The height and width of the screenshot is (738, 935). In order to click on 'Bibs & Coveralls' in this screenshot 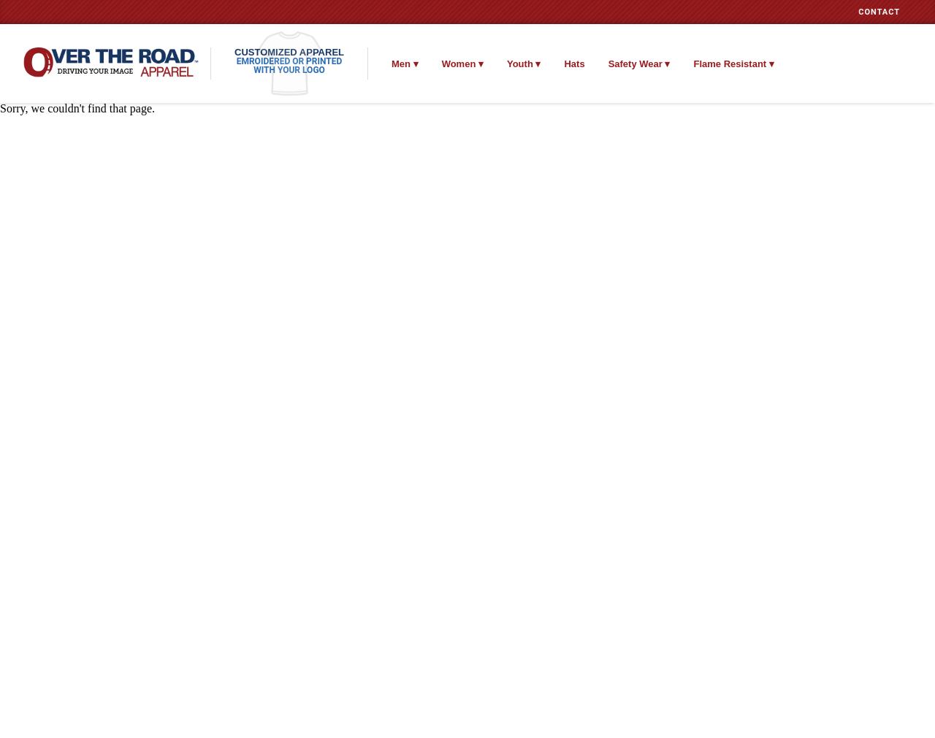, I will do `click(695, 92)`.